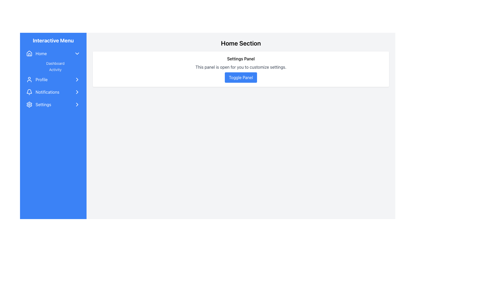  Describe the element at coordinates (29, 91) in the screenshot. I see `the bell icon located in the 'Notifications' menu item, which is situated in the left navigation menu below the 'Profile' section and above the 'Settings' section` at that location.